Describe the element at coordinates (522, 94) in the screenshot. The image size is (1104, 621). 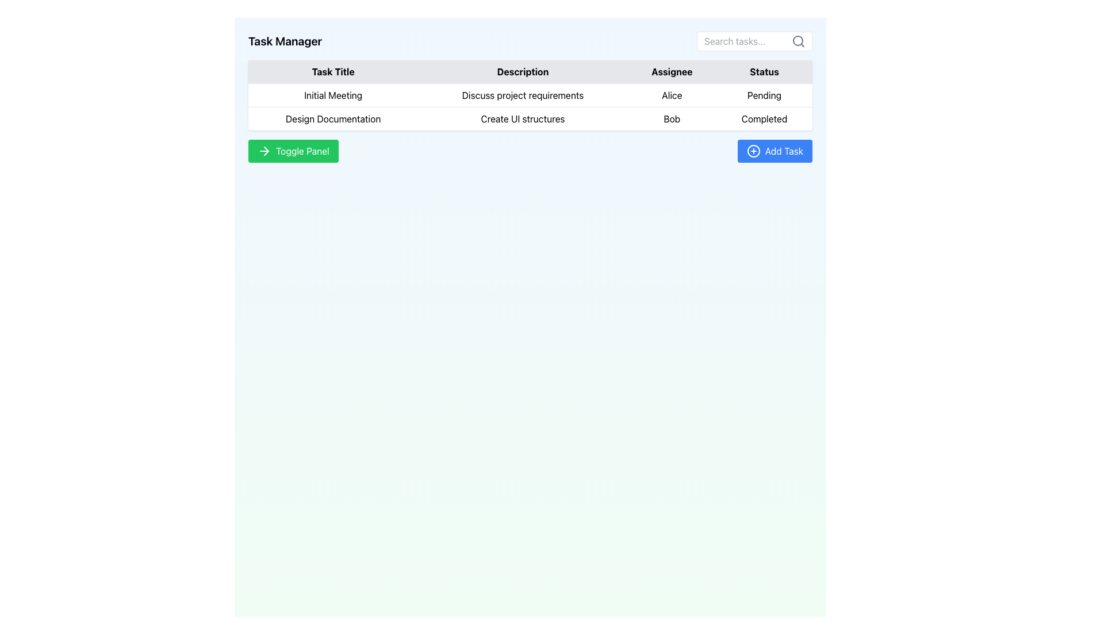
I see `the Text Label in the second column of the first data row, which describes the task's objective` at that location.